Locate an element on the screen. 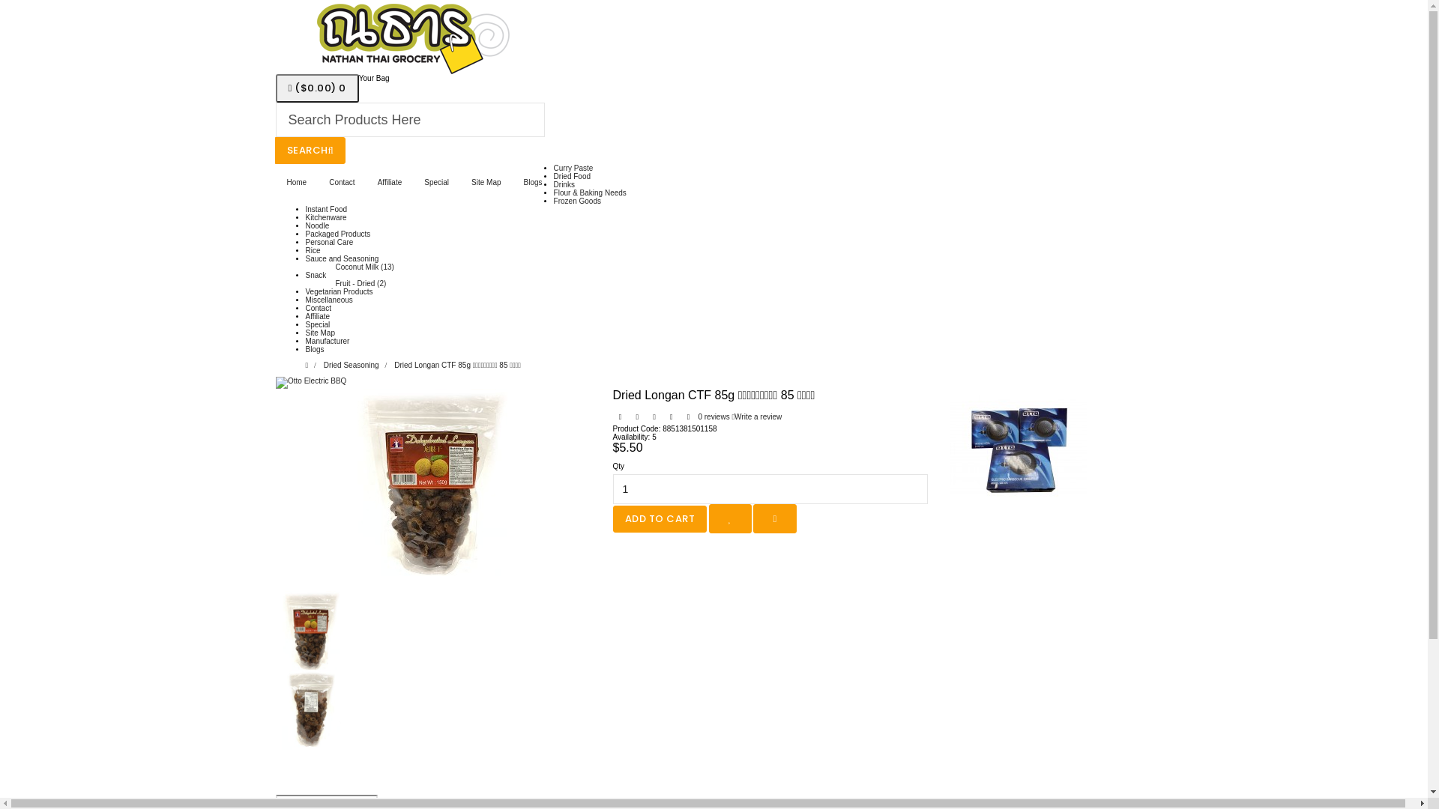 The width and height of the screenshot is (1439, 809). 'Contact' is located at coordinates (316, 181).